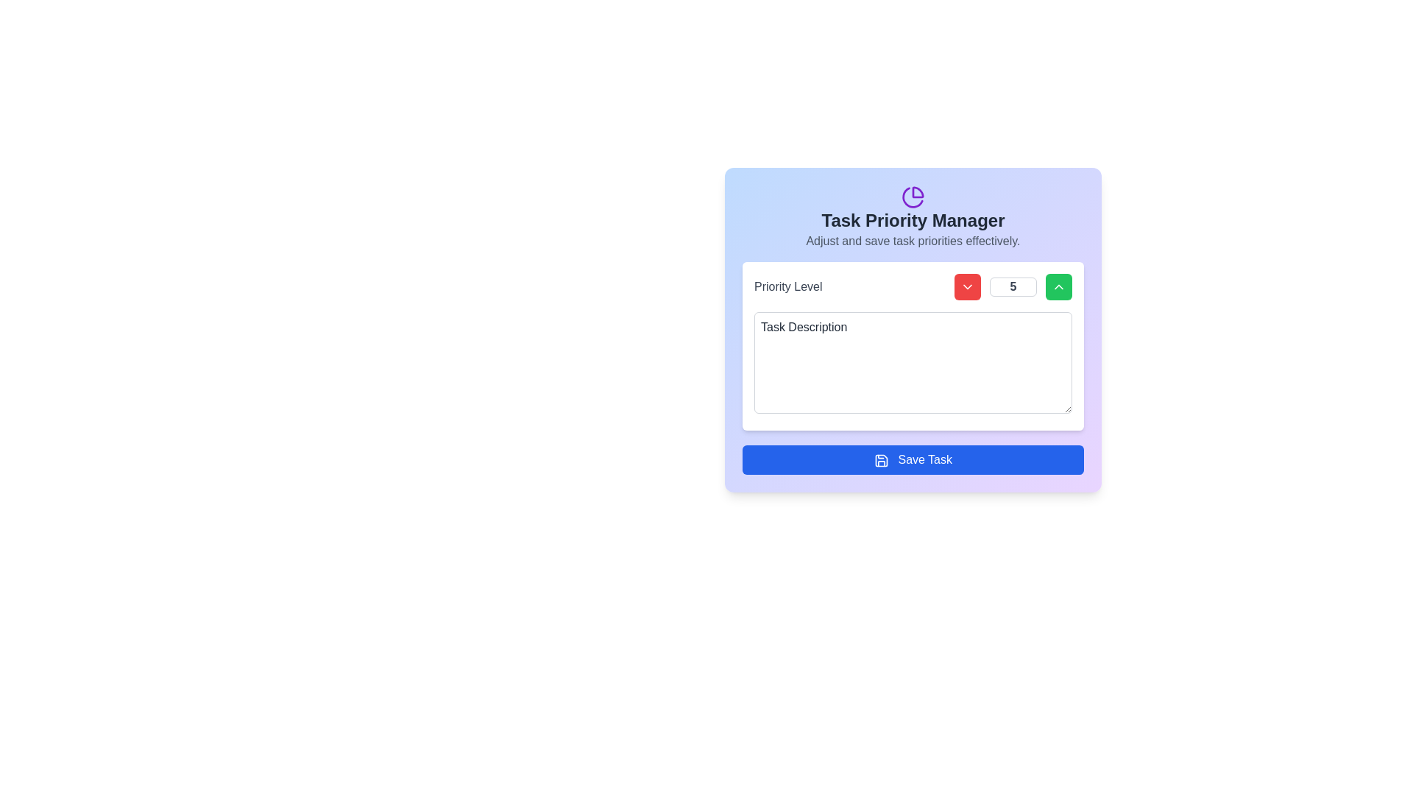 This screenshot has width=1413, height=795. Describe the element at coordinates (1013, 286) in the screenshot. I see `the text box of the priority level adjustment component` at that location.